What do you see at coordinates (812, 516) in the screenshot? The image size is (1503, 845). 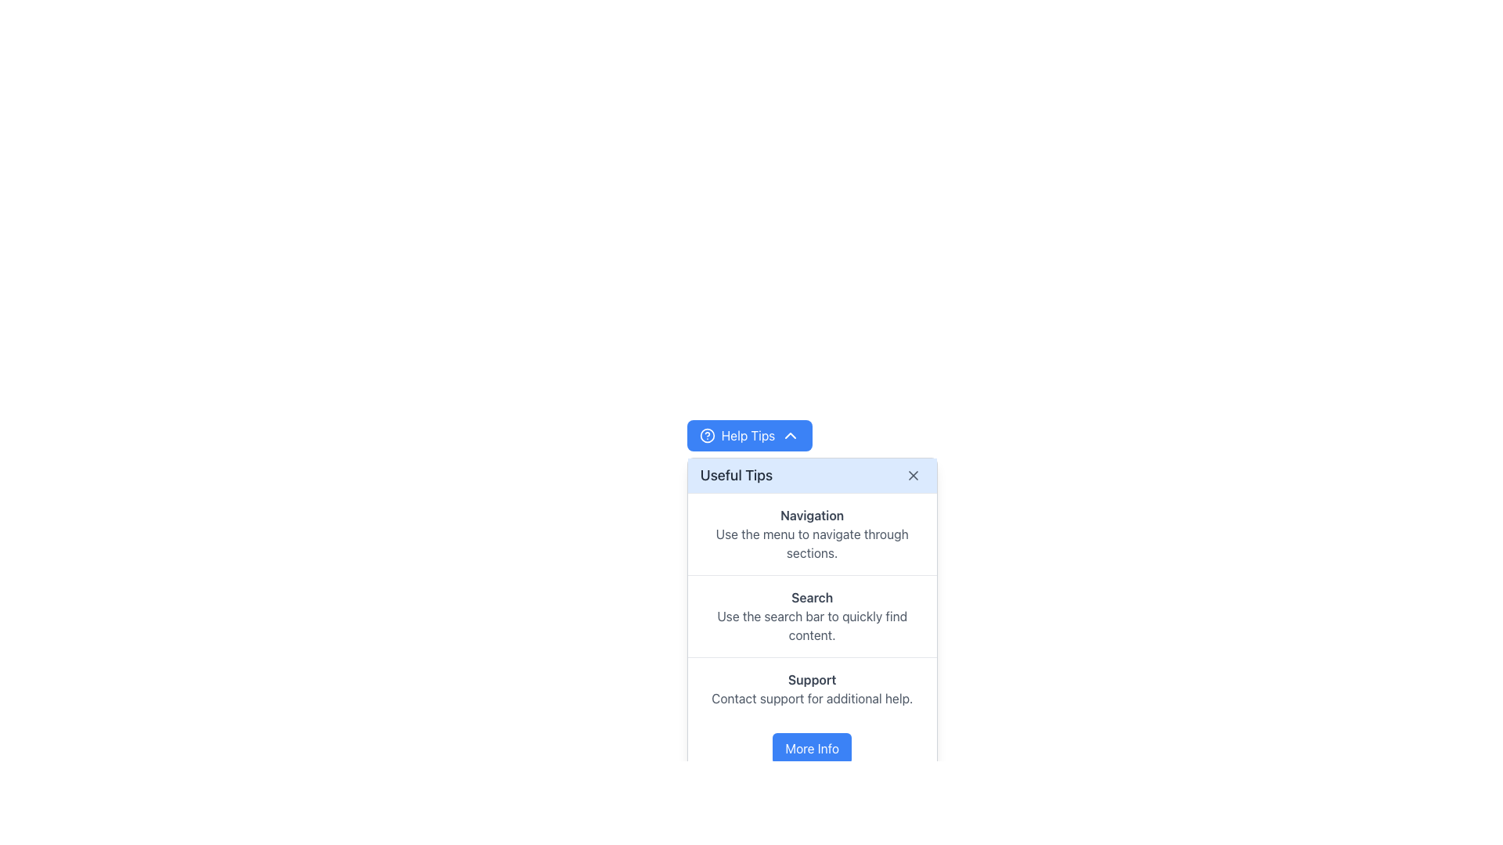 I see `the bold text label 'Navigation' which is styled in gray (#4A5568) and serves as a section heading within the 'Useful Tips' card interface` at bounding box center [812, 516].